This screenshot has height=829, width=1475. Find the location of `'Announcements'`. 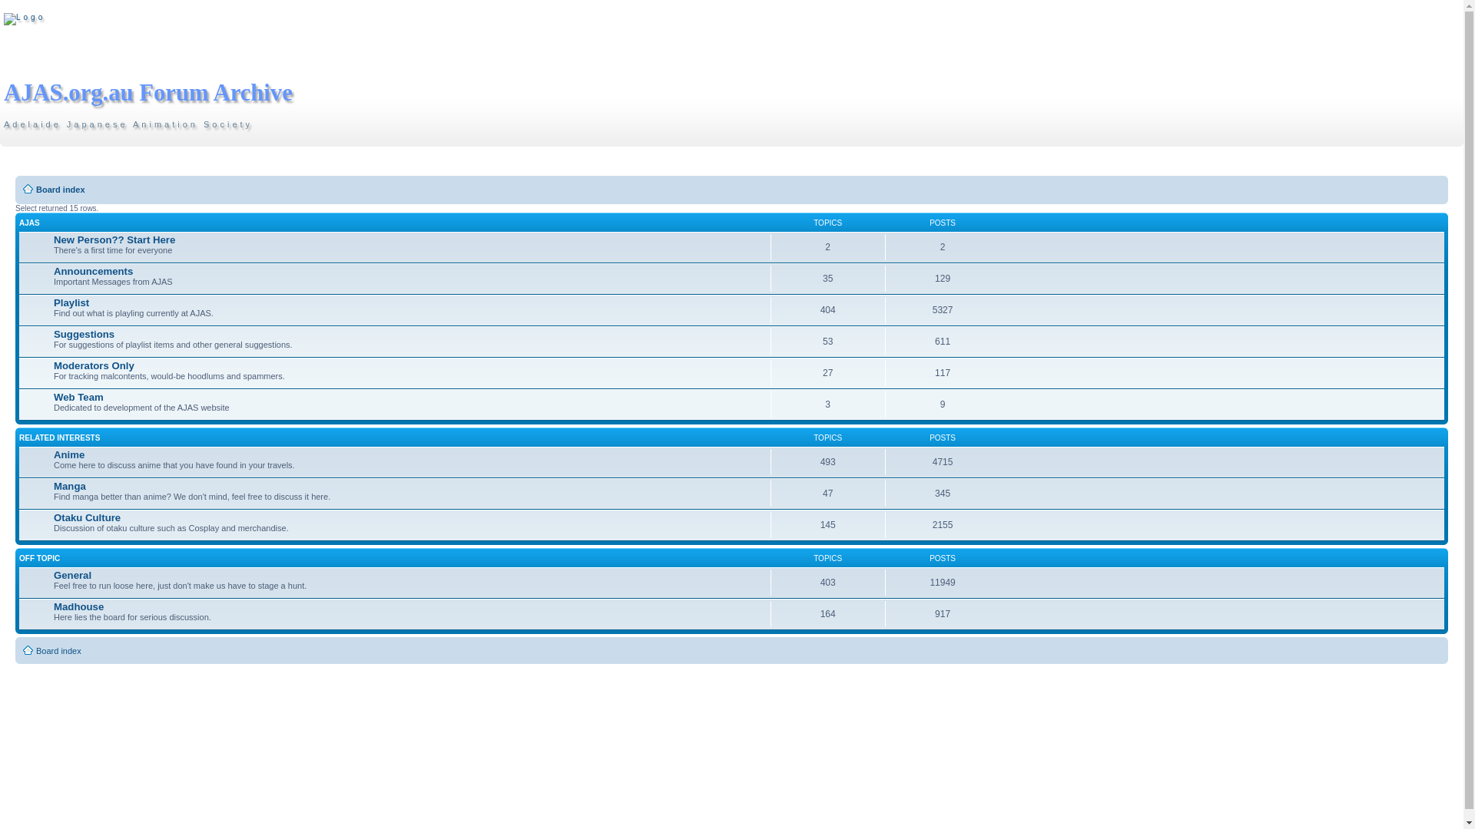

'Announcements' is located at coordinates (92, 270).